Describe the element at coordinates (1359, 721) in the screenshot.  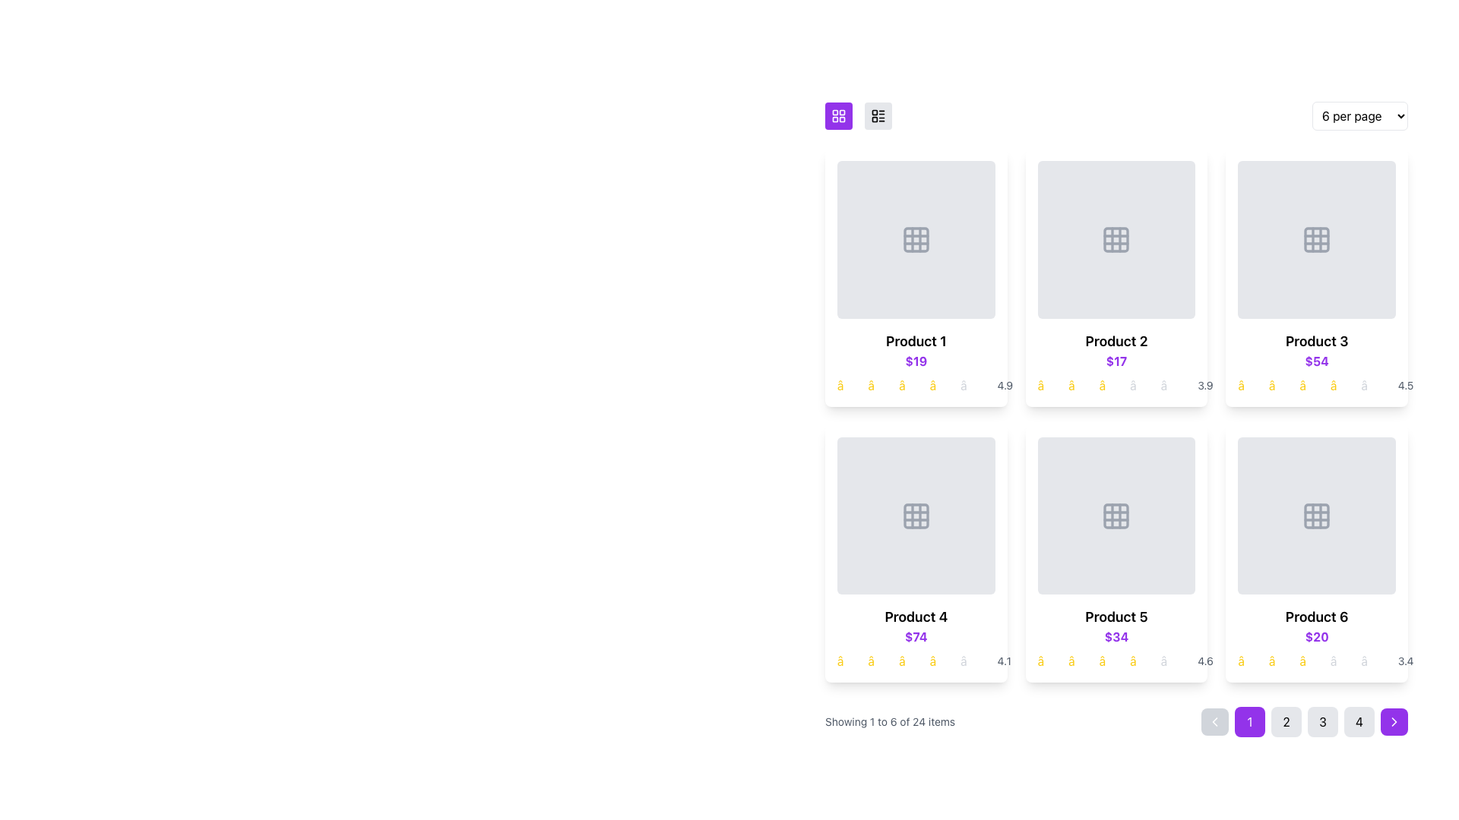
I see `the square button labeled '4' in the pagination controls, which is located at the bottom-right corner of the product grid display` at that location.